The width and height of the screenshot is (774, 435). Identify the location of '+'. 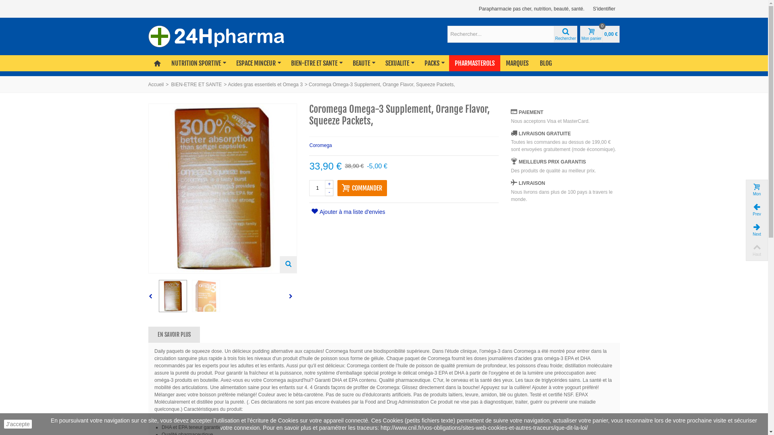
(329, 184).